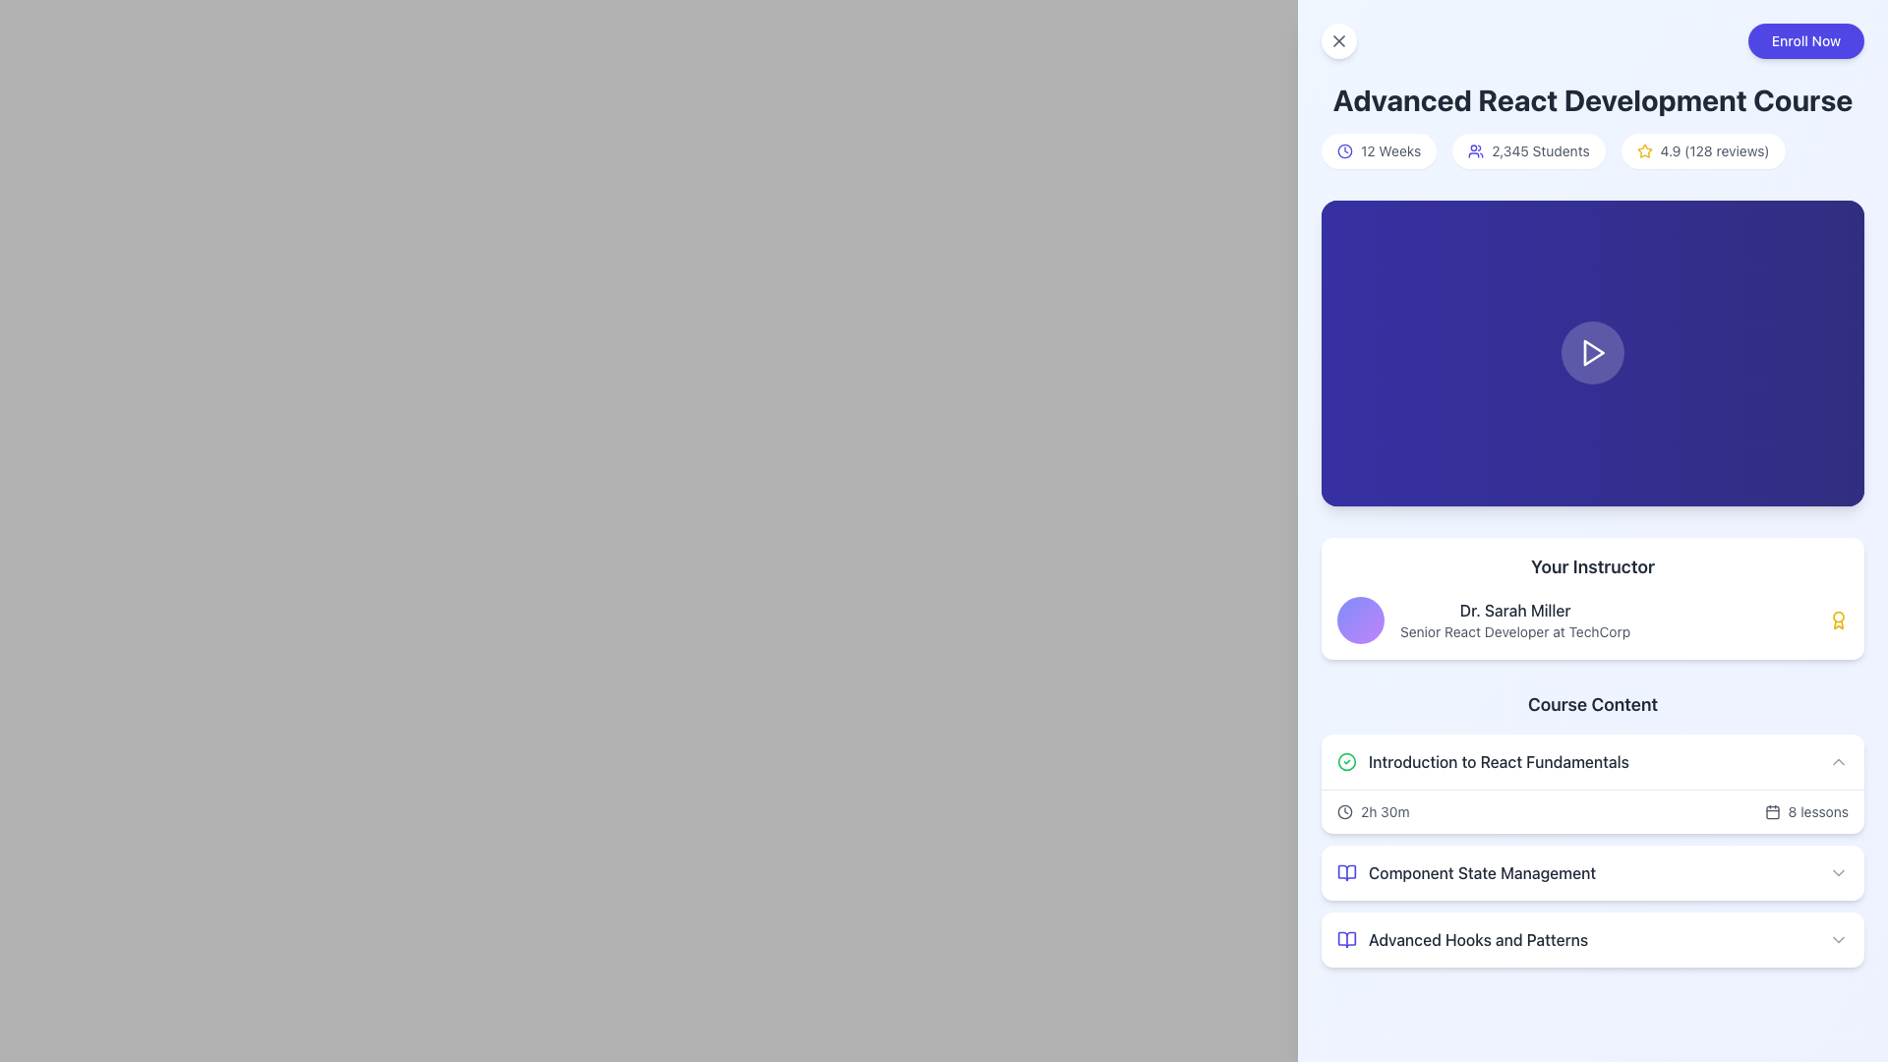 The image size is (1888, 1062). What do you see at coordinates (1528, 150) in the screenshot?
I see `the Informational badge that displays the total number of students enrolled in the course, located between '12 Weeks' and '4.9 (128 reviews)', below the title 'Advanced React Development Course'` at bounding box center [1528, 150].